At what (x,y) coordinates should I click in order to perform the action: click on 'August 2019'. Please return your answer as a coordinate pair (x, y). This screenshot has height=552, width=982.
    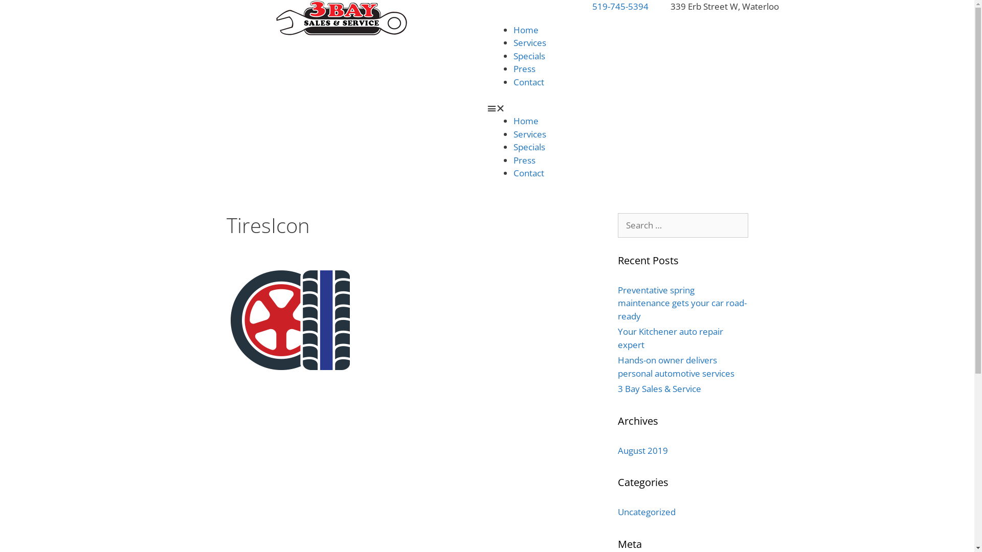
    Looking at the image, I should click on (617, 450).